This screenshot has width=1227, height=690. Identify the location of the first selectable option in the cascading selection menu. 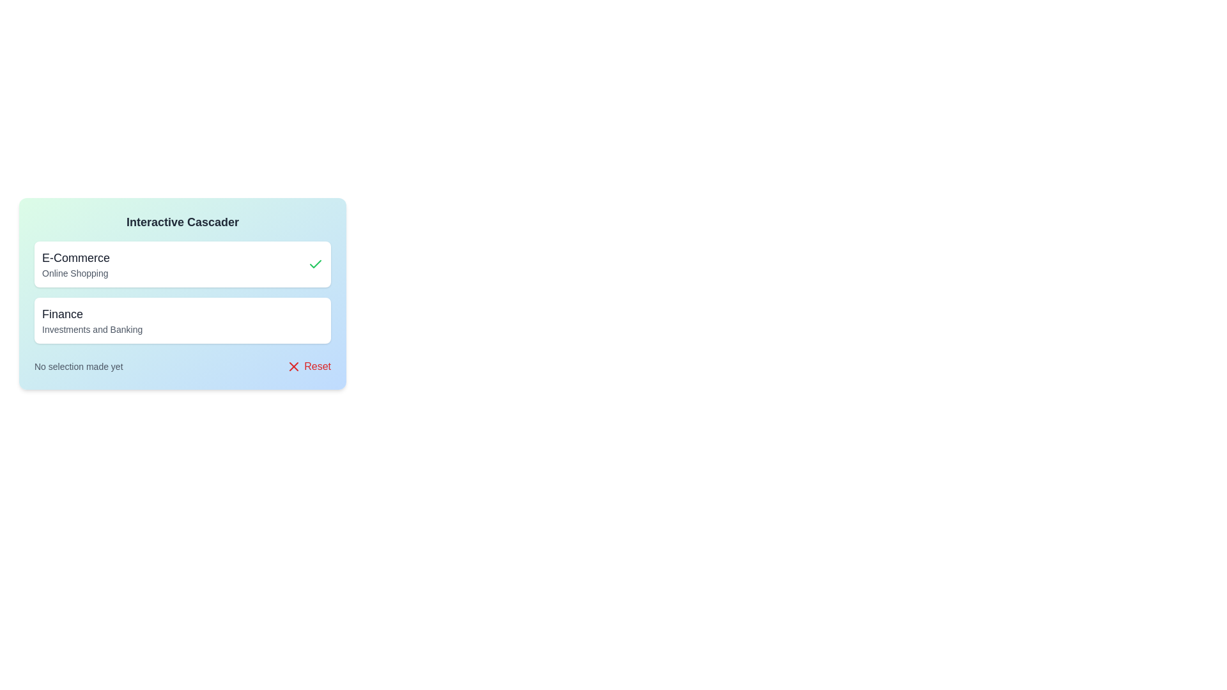
(182, 263).